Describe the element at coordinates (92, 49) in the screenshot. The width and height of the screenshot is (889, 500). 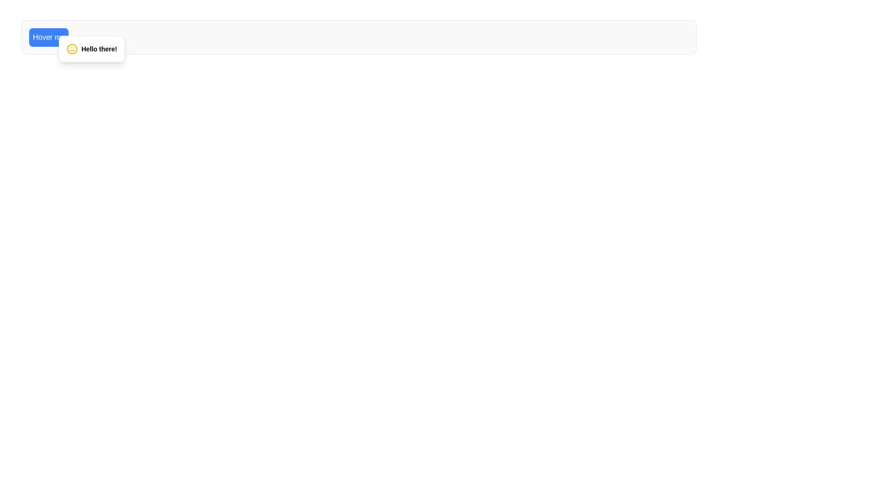
I see `the tooltip or popup that appears to the right of the 'Hover me' button, slightly lower but aligned horizontally with it` at that location.